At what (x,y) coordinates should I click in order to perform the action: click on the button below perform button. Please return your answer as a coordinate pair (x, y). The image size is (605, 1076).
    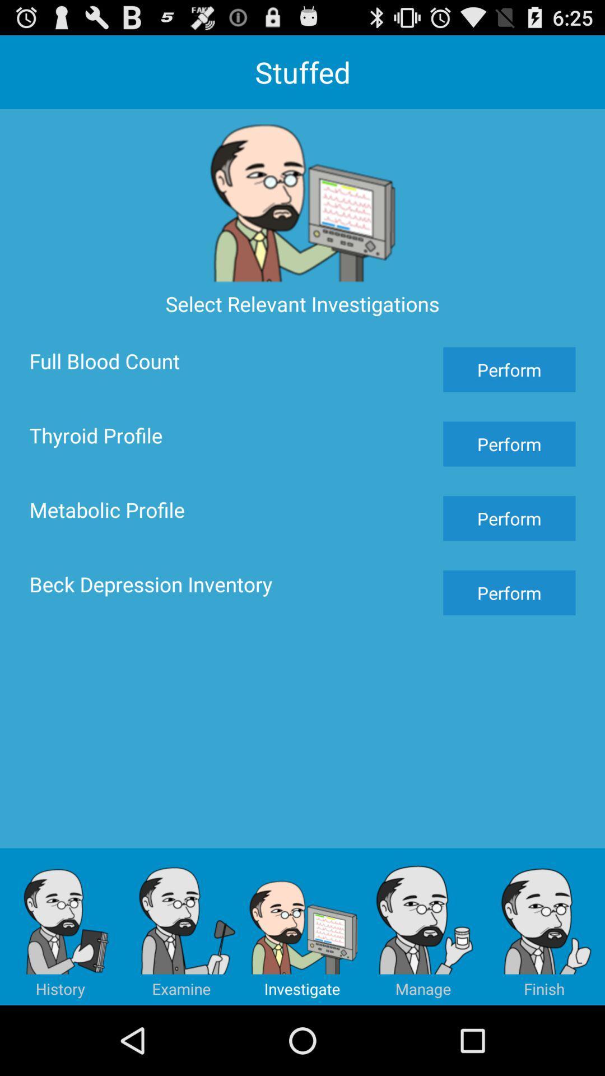
    Looking at the image, I should click on (544, 926).